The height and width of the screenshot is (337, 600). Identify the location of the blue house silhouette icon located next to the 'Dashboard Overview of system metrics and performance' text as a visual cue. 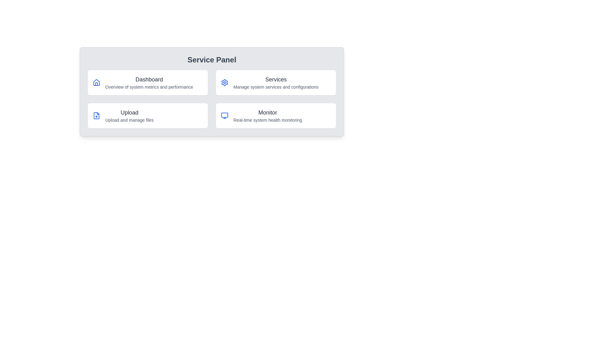
(96, 82).